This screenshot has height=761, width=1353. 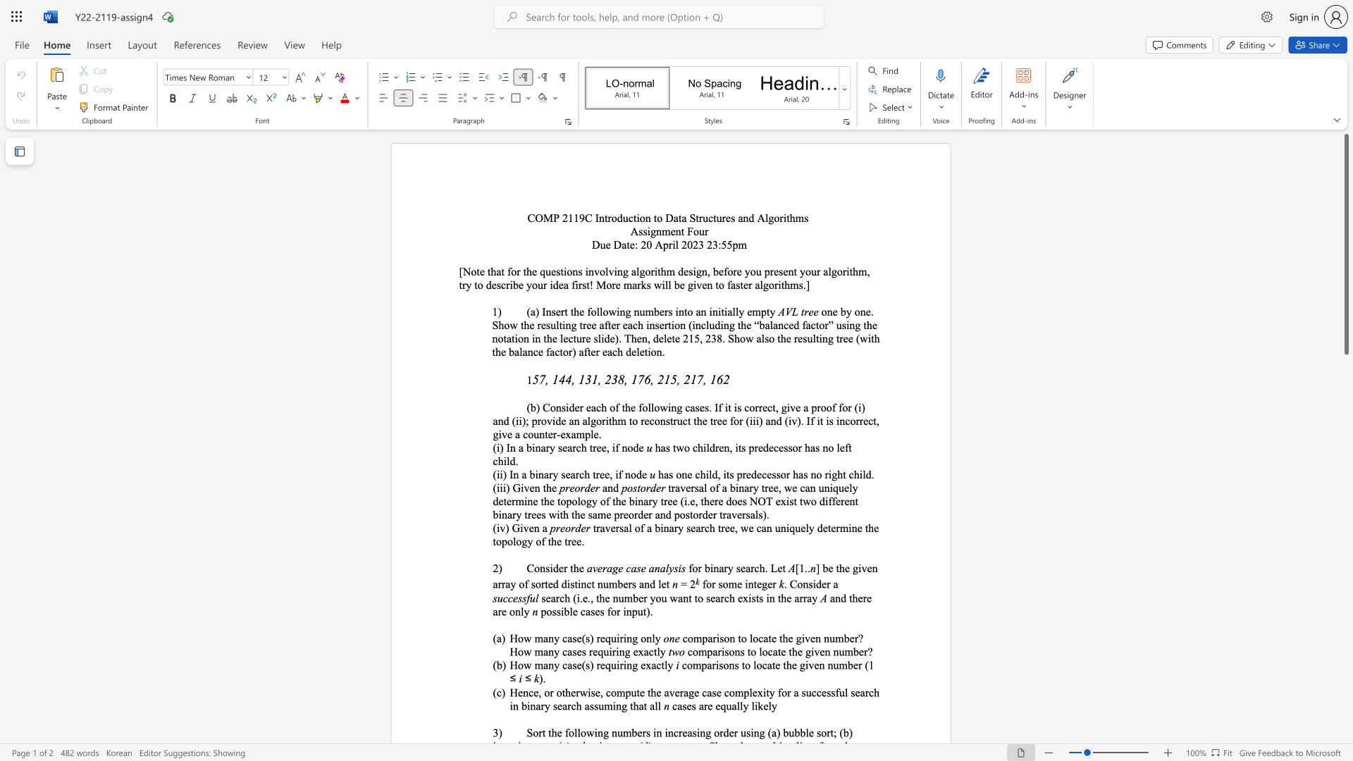 What do you see at coordinates (1345, 578) in the screenshot?
I see `the scrollbar to move the page downward` at bounding box center [1345, 578].